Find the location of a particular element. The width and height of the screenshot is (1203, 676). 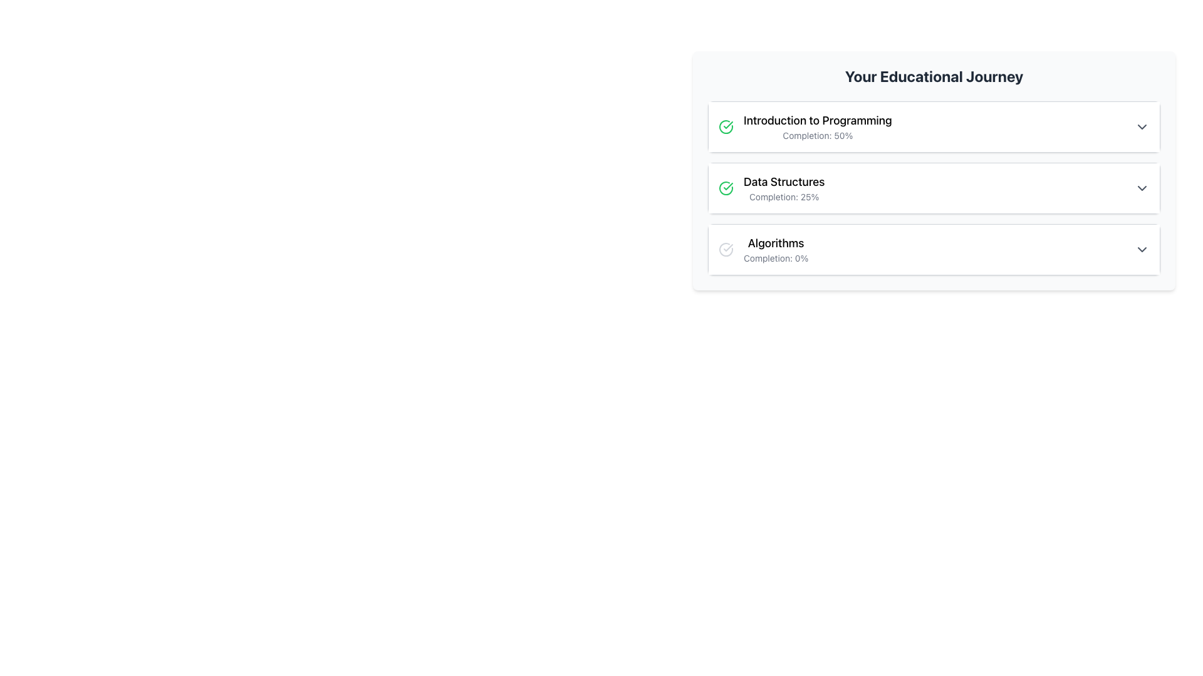

status indicator icon for the 'Algorithms' course in the 'Your Educational Journey' interface, which is located to the left of the course title and indicates that the course has not been completed yet is located at coordinates (726, 249).